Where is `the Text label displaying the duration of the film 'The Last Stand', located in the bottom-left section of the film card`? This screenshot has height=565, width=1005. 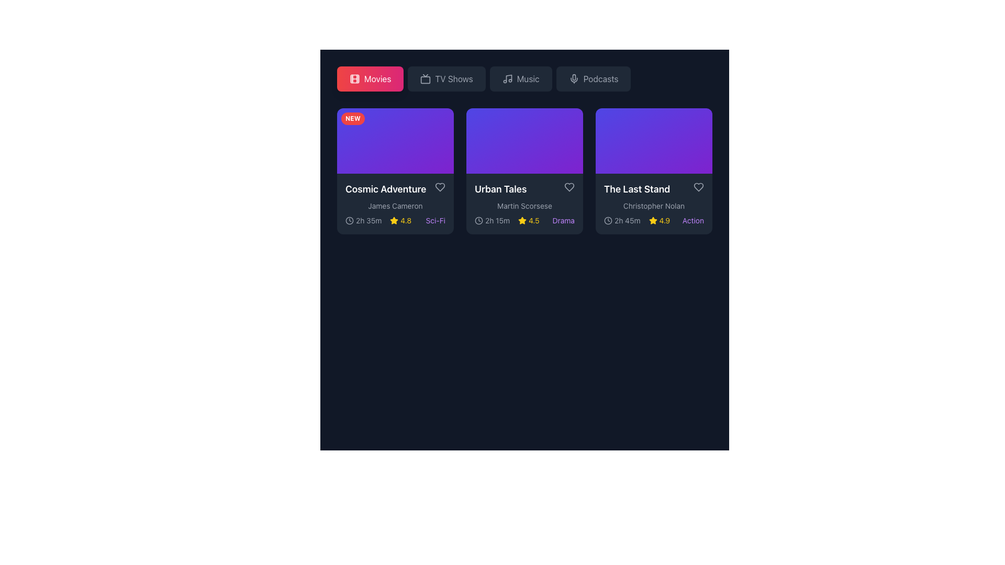 the Text label displaying the duration of the film 'The Last Stand', located in the bottom-left section of the film card is located at coordinates (627, 220).